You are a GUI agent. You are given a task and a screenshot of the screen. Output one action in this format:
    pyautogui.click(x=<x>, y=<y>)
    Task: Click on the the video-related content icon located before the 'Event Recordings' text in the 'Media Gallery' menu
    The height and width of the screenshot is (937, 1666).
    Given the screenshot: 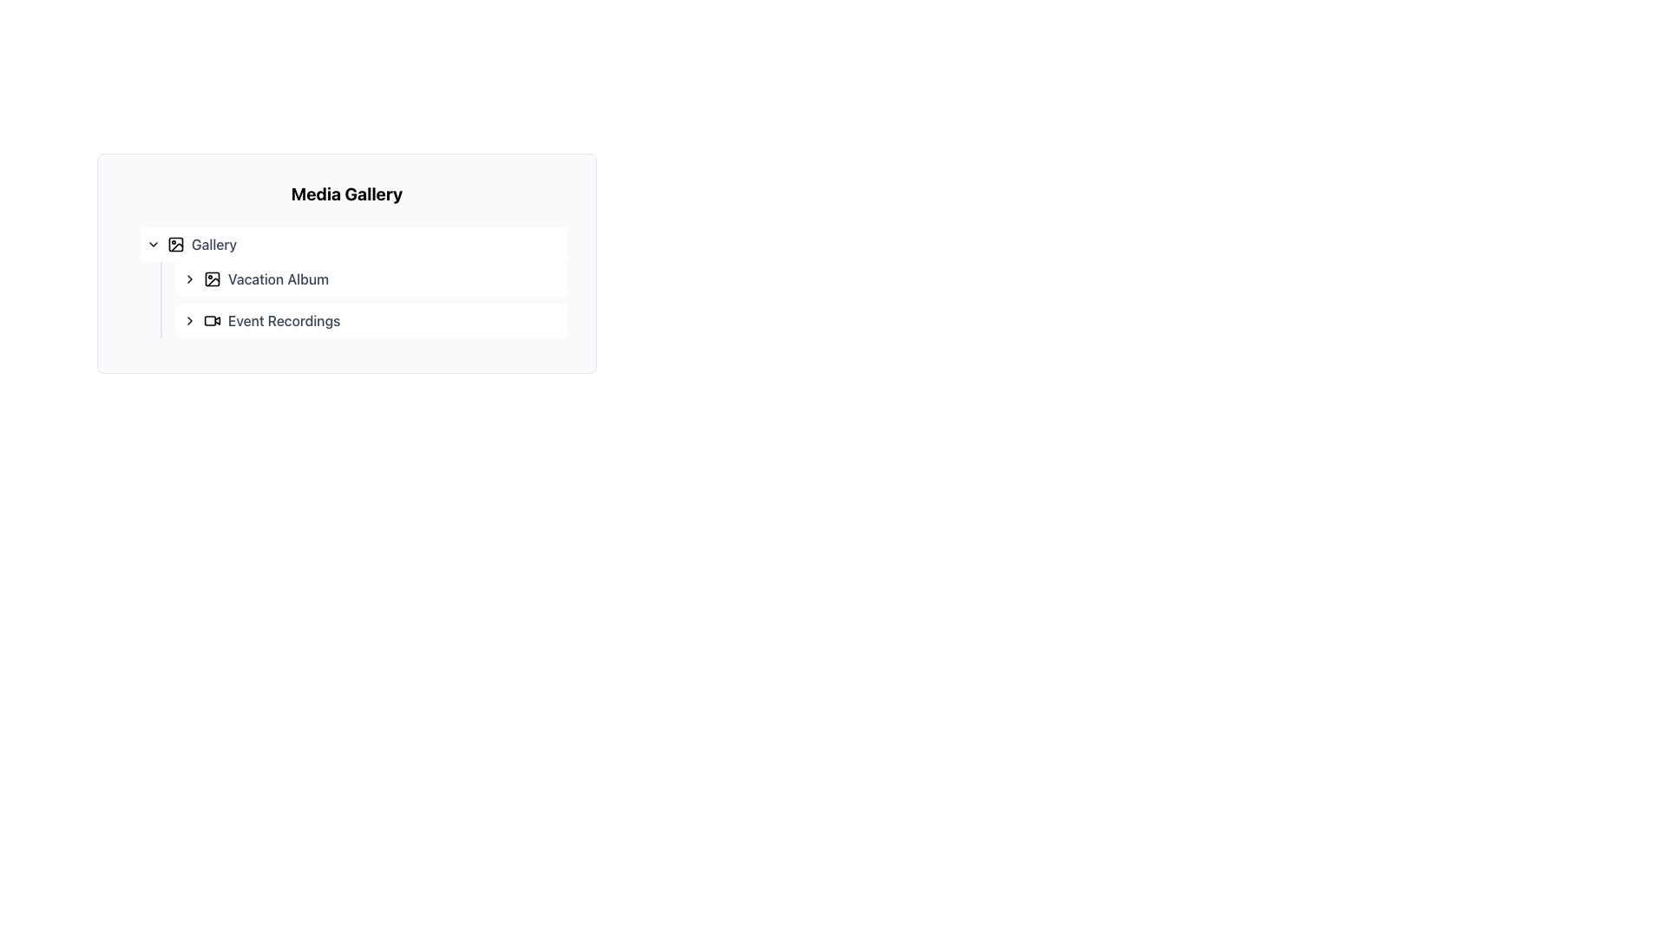 What is the action you would take?
    pyautogui.click(x=211, y=321)
    